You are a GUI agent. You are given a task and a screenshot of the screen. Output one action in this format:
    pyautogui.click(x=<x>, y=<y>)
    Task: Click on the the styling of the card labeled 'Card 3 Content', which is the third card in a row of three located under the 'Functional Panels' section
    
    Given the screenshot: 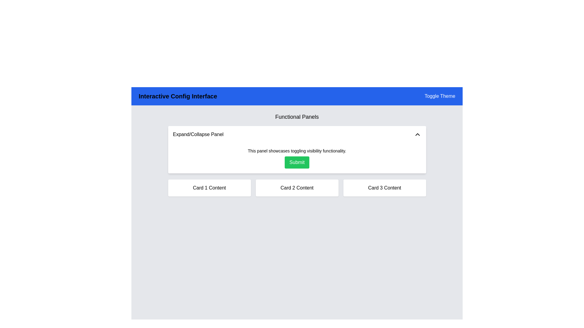 What is the action you would take?
    pyautogui.click(x=384, y=187)
    